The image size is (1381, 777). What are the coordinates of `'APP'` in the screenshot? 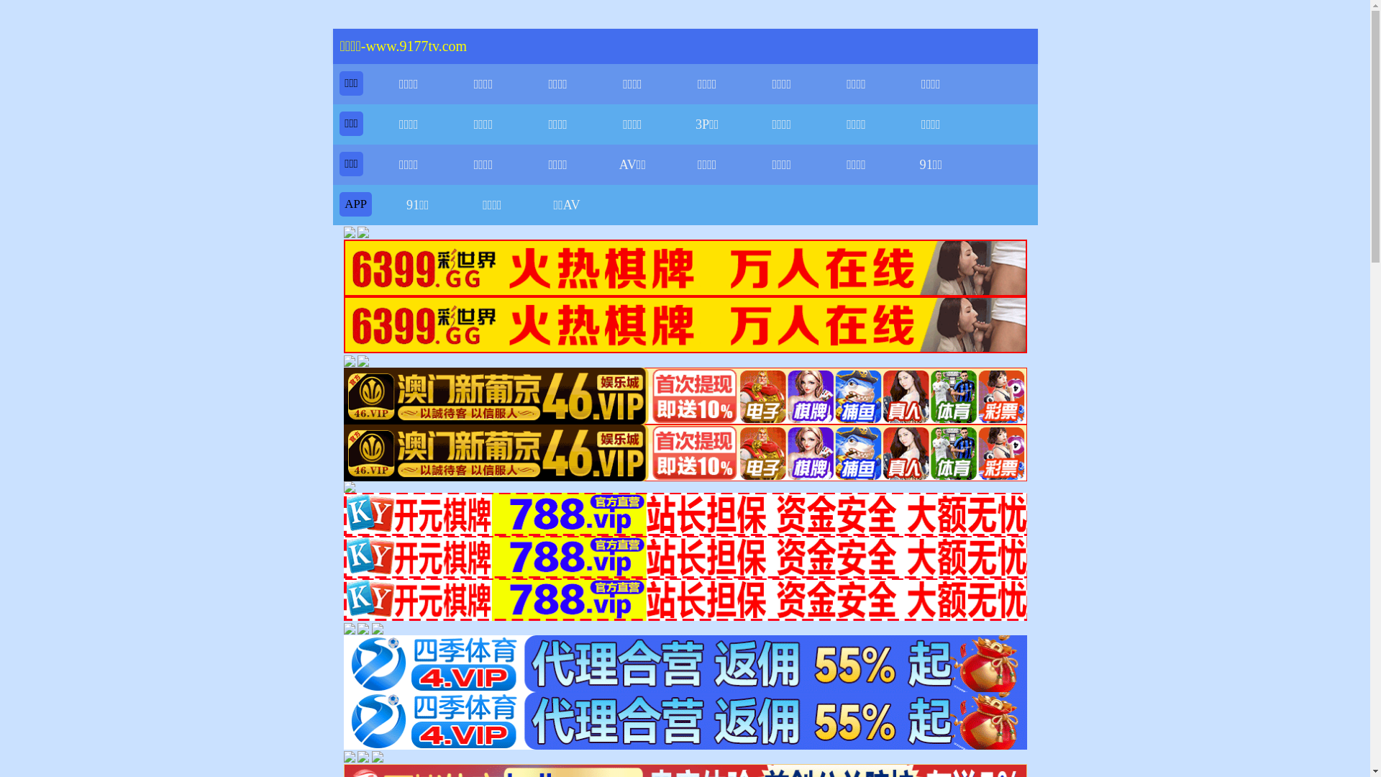 It's located at (355, 204).